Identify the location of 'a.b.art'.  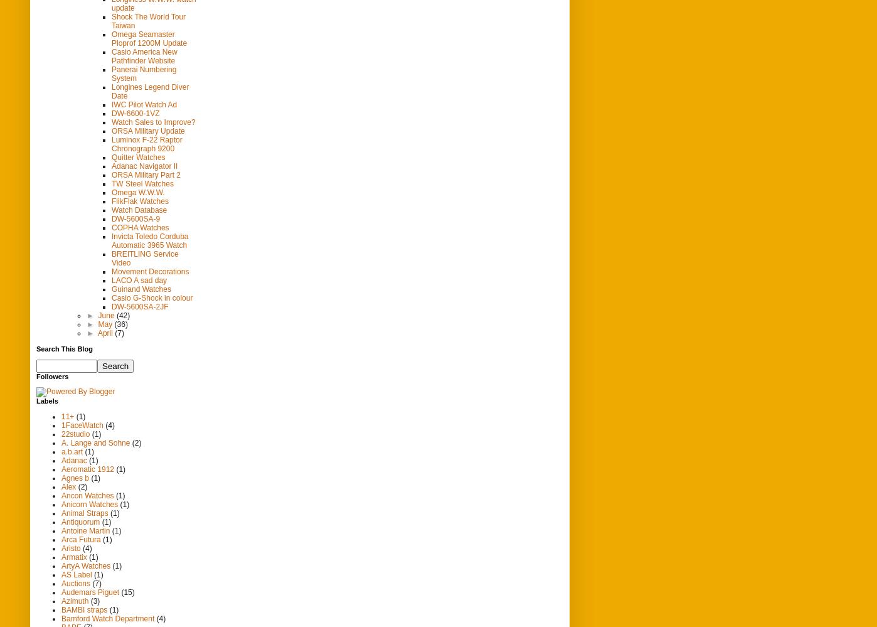
(72, 451).